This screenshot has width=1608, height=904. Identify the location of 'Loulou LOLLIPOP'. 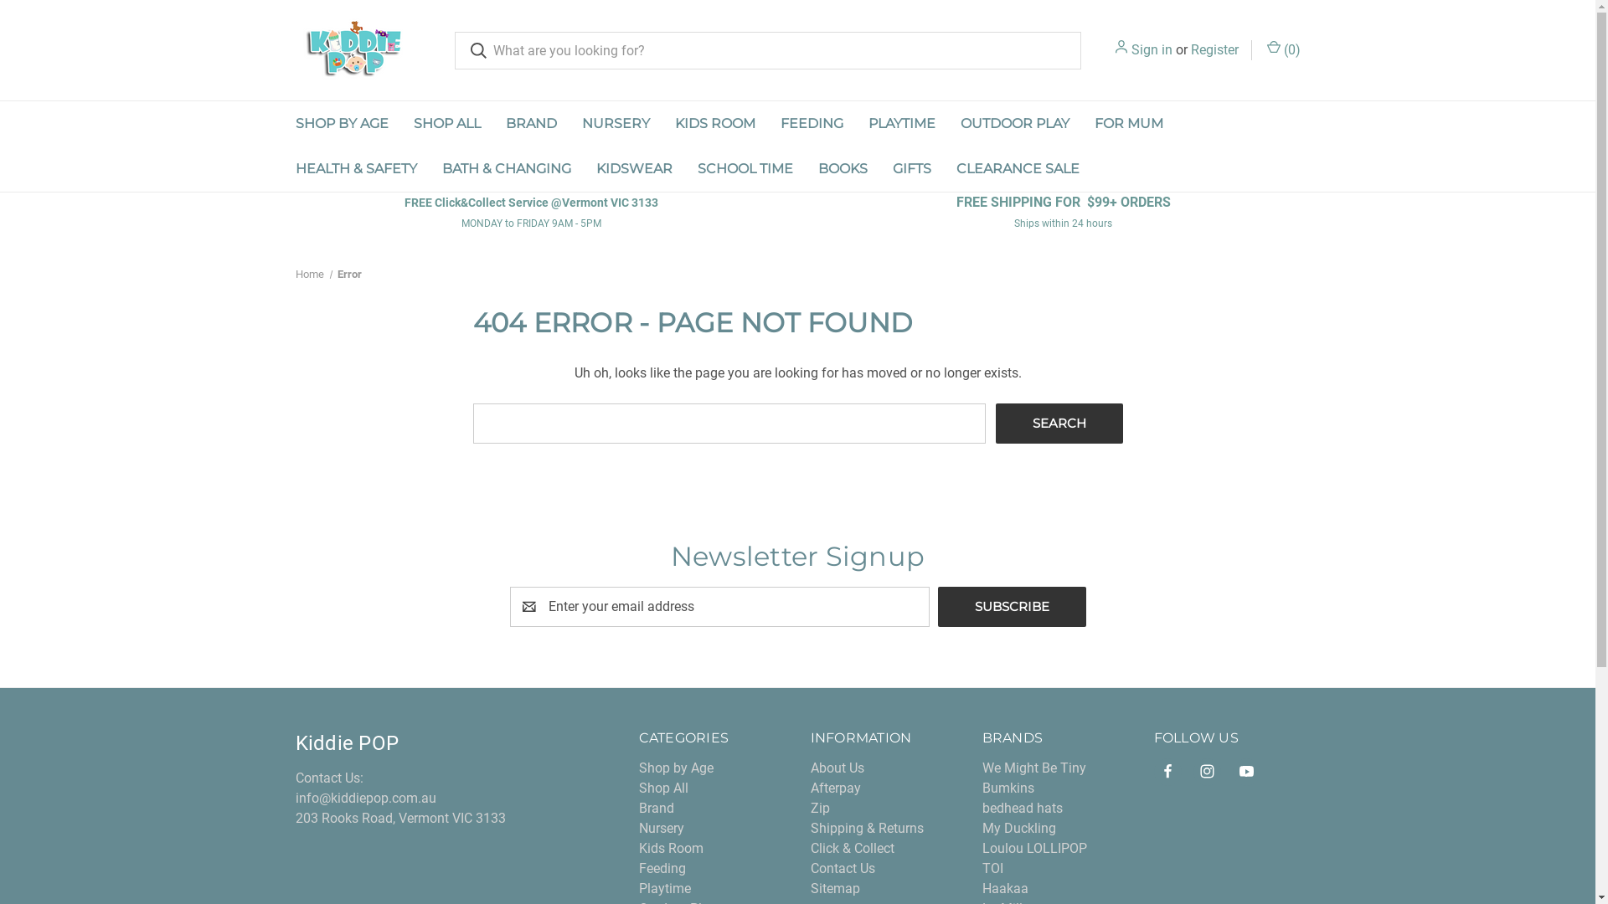
(1033, 848).